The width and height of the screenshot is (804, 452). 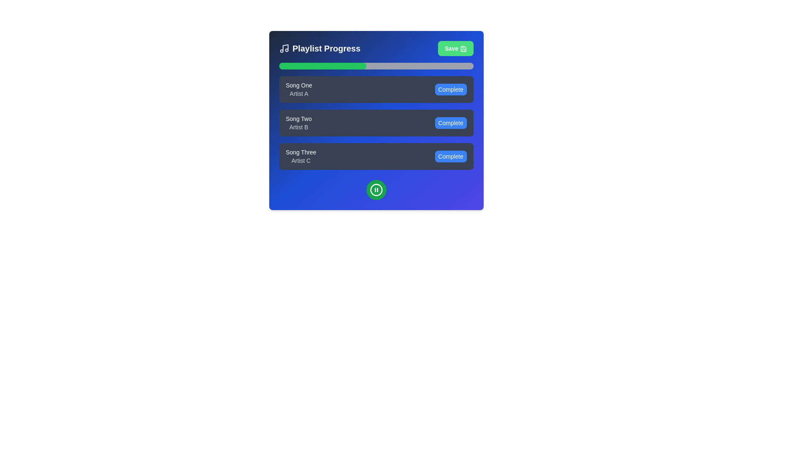 I want to click on the decorative icon representing the 'Playlist Progress' section, located at the top-left corner of the section, just to the left of the title text, so click(x=284, y=48).